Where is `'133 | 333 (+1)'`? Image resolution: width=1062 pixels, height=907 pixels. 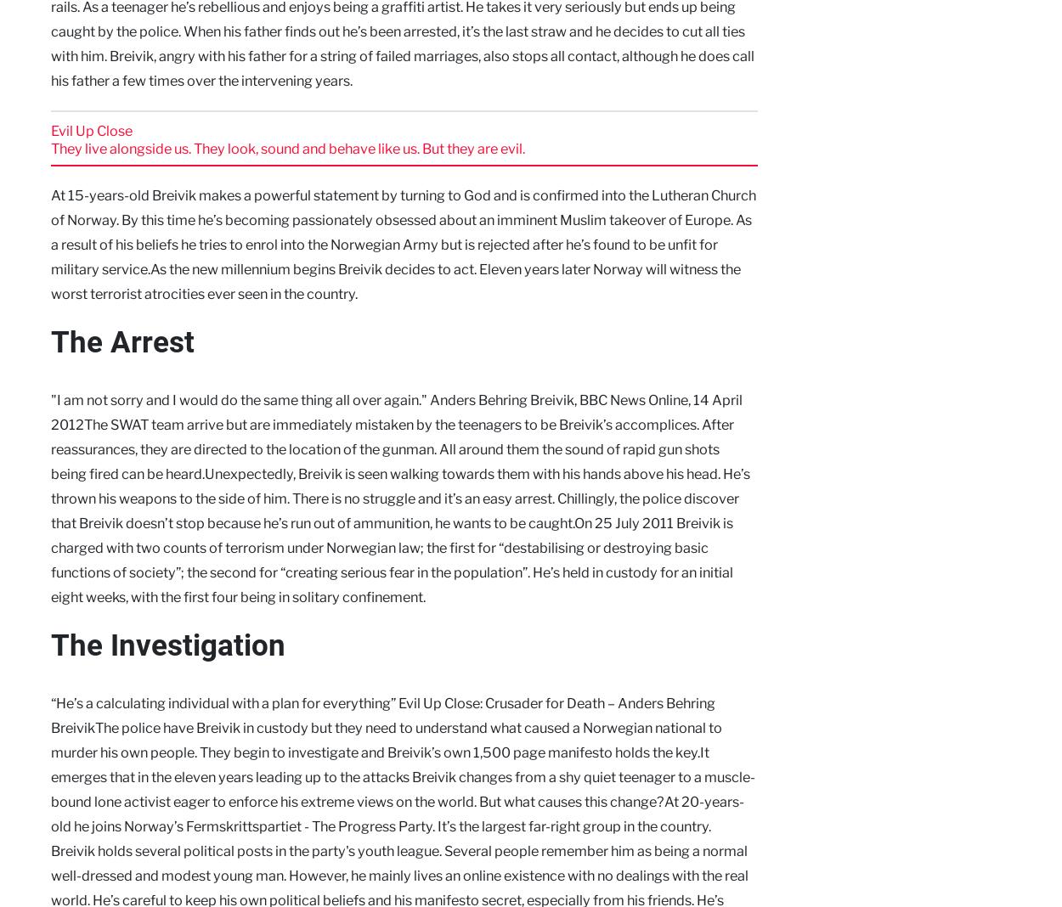 '133 | 333 (+1)' is located at coordinates (977, 545).